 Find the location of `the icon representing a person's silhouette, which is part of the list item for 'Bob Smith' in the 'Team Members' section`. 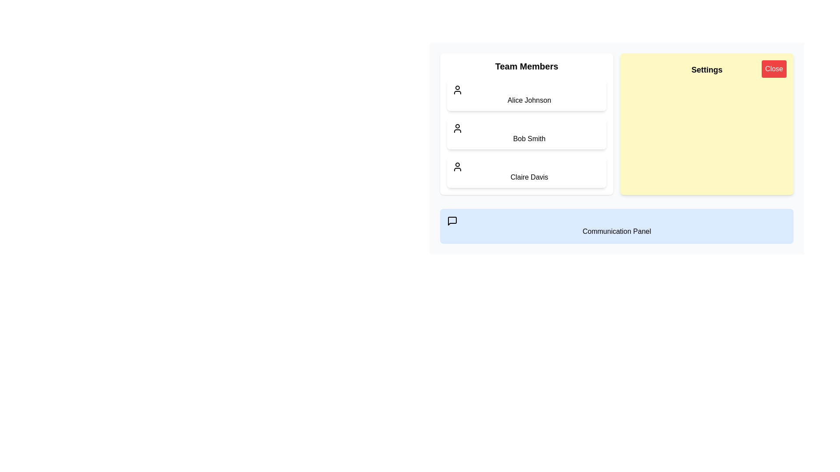

the icon representing a person's silhouette, which is part of the list item for 'Bob Smith' in the 'Team Members' section is located at coordinates (457, 128).